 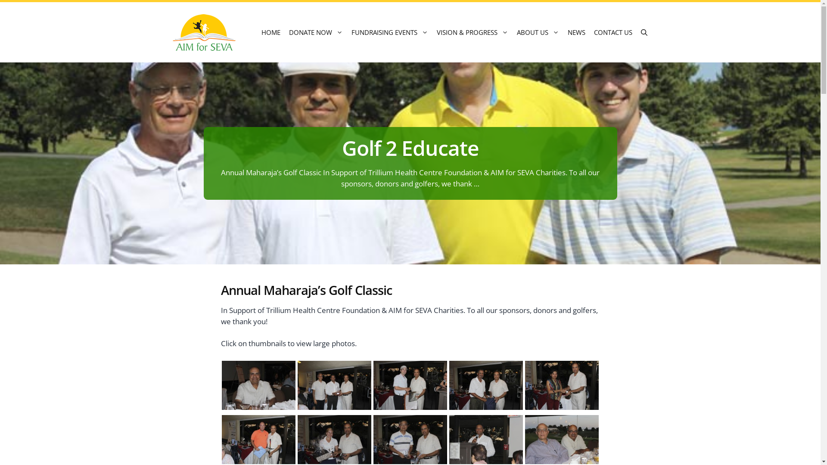 I want to click on 'DONATE NOW', so click(x=284, y=31).